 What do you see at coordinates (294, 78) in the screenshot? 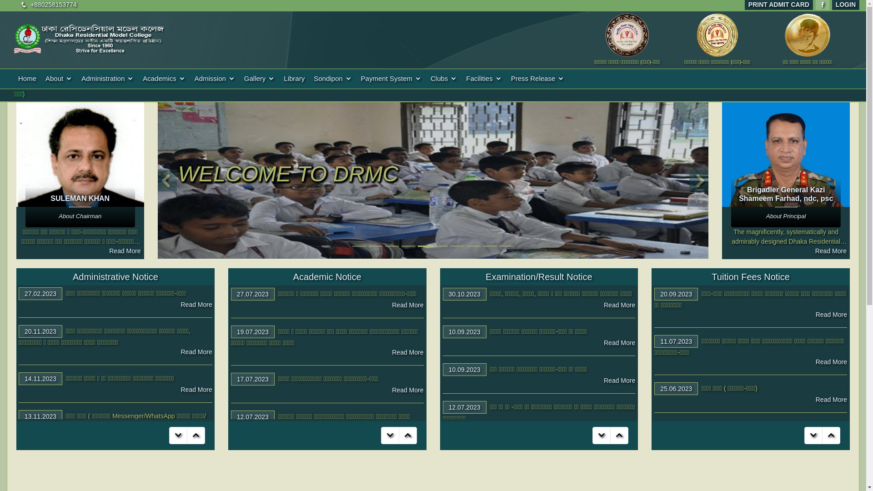
I see `'Library'` at bounding box center [294, 78].